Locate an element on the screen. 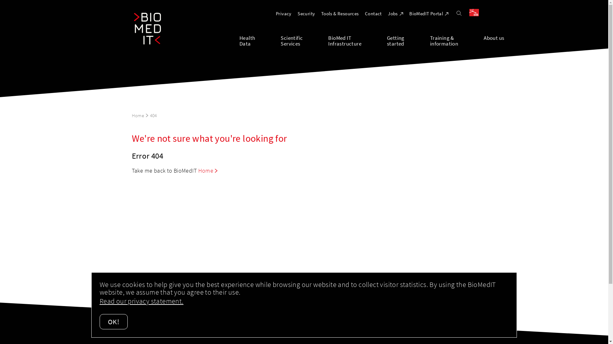  'BioMed IT Infrastructure' is located at coordinates (357, 40).